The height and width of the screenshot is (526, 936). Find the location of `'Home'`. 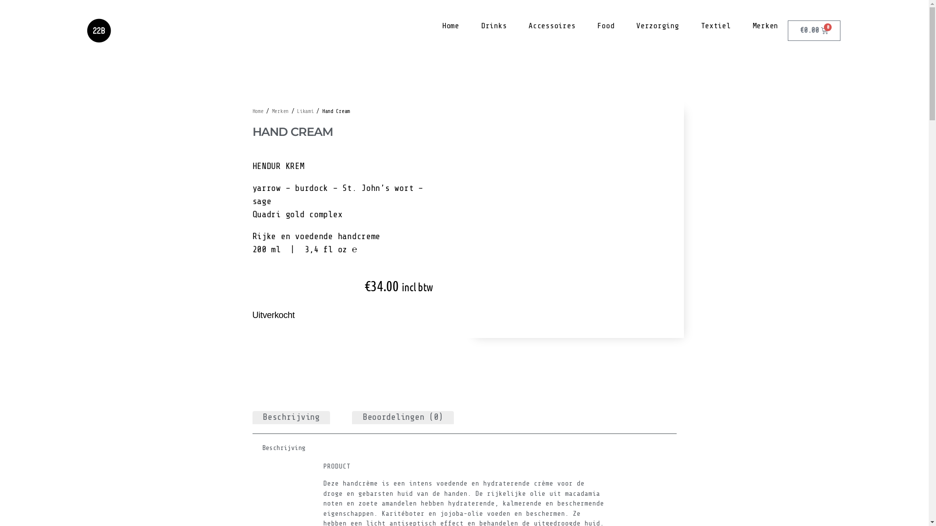

'Home' is located at coordinates (450, 25).